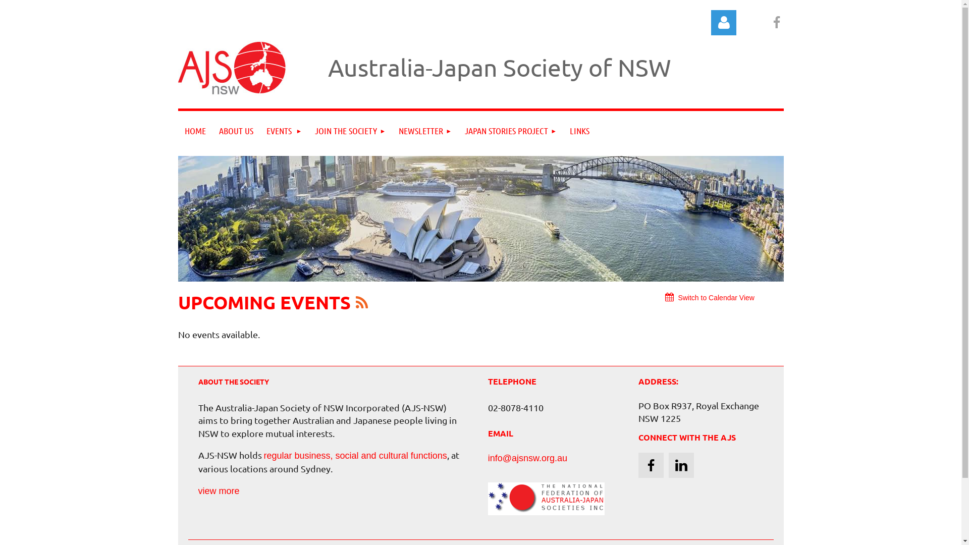 The image size is (969, 545). Describe the element at coordinates (768, 22) in the screenshot. I see `'Facebook'` at that location.